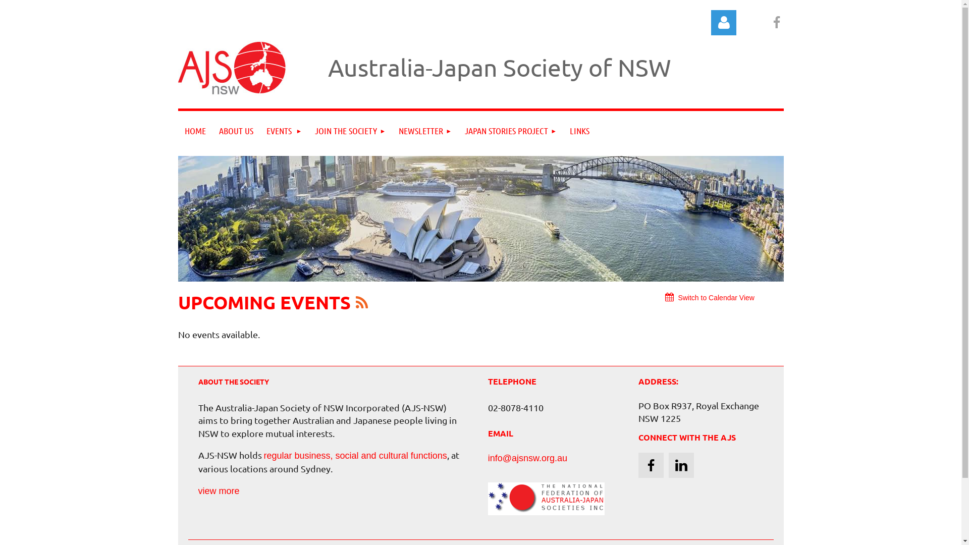 The image size is (969, 545). Describe the element at coordinates (768, 22) in the screenshot. I see `'Facebook'` at that location.